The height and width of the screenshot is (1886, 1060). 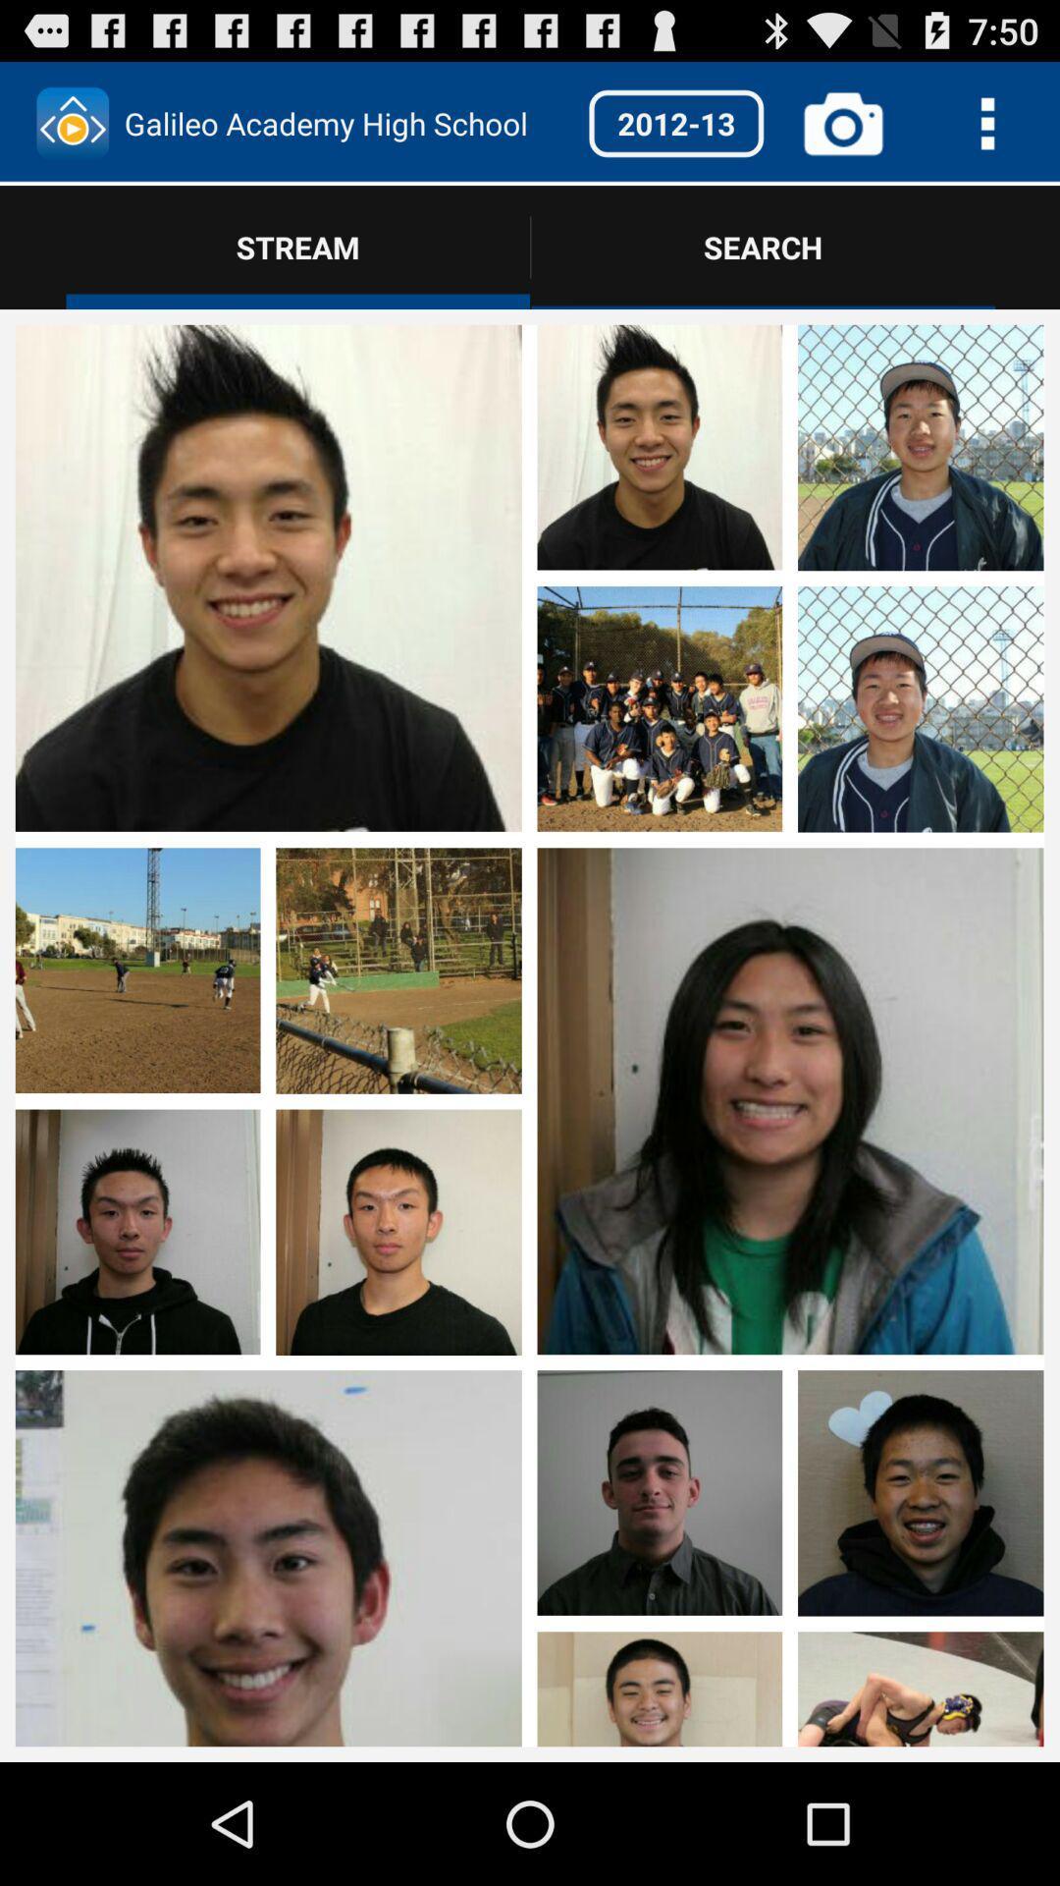 I want to click on merge box, so click(x=789, y=1552).